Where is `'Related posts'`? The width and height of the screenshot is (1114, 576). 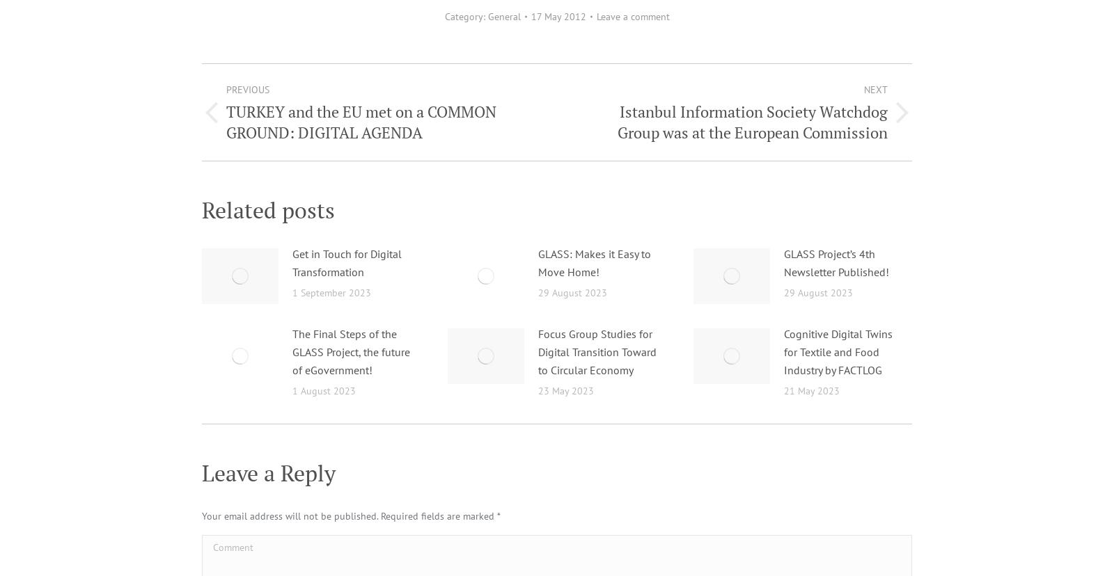
'Related posts' is located at coordinates (201, 209).